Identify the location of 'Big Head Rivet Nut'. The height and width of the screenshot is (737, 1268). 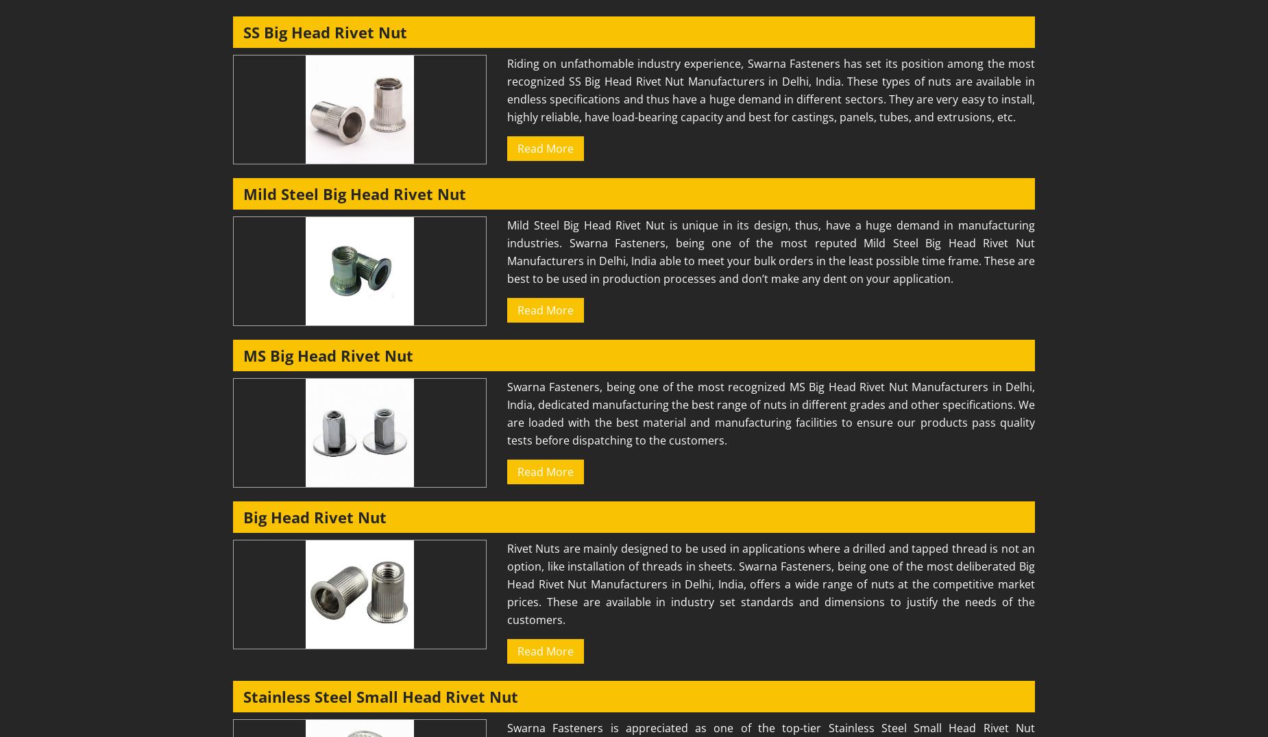
(243, 516).